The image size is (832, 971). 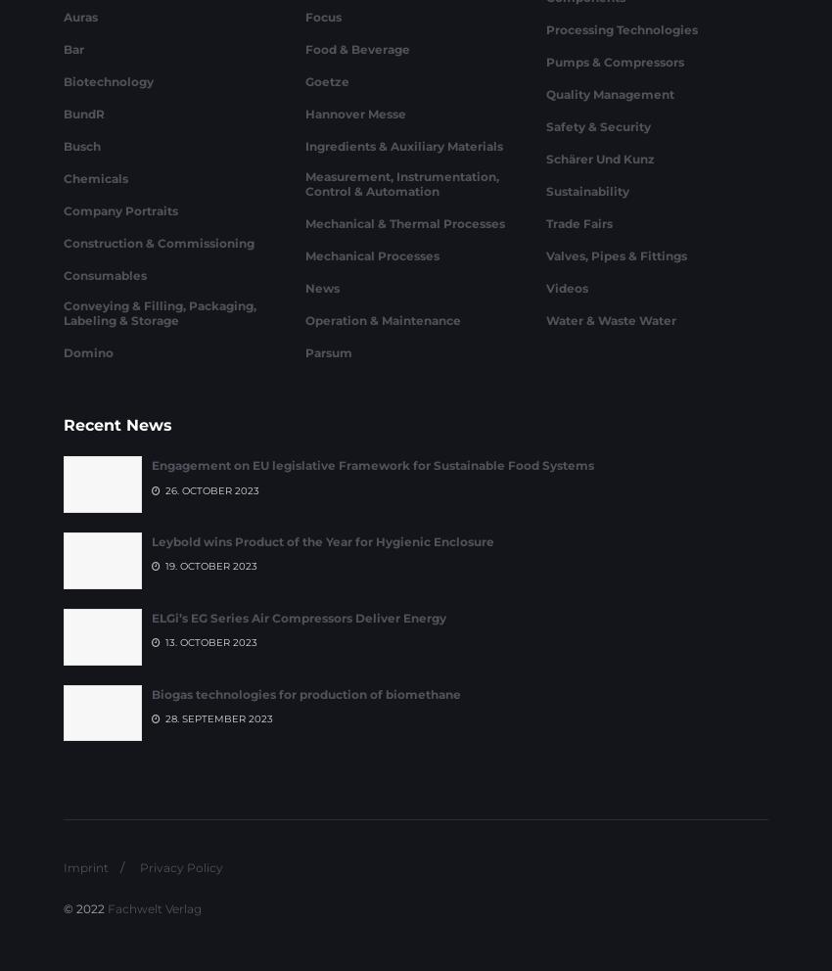 I want to click on 'Busch', so click(x=81, y=250).